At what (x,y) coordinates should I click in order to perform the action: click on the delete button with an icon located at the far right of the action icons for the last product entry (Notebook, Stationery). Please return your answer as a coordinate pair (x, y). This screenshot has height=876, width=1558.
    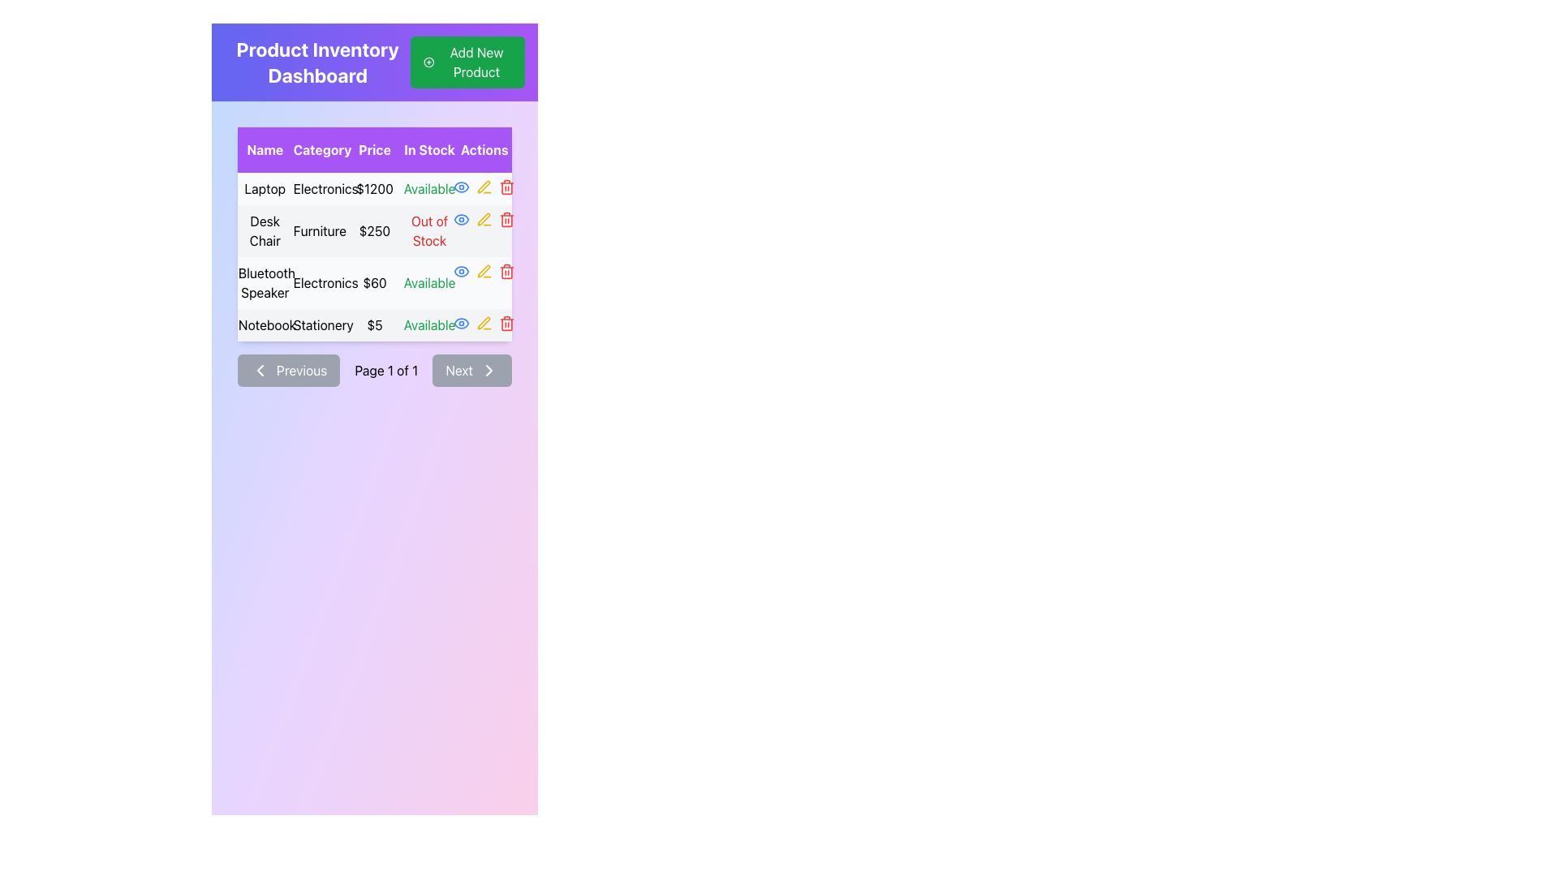
    Looking at the image, I should click on (506, 323).